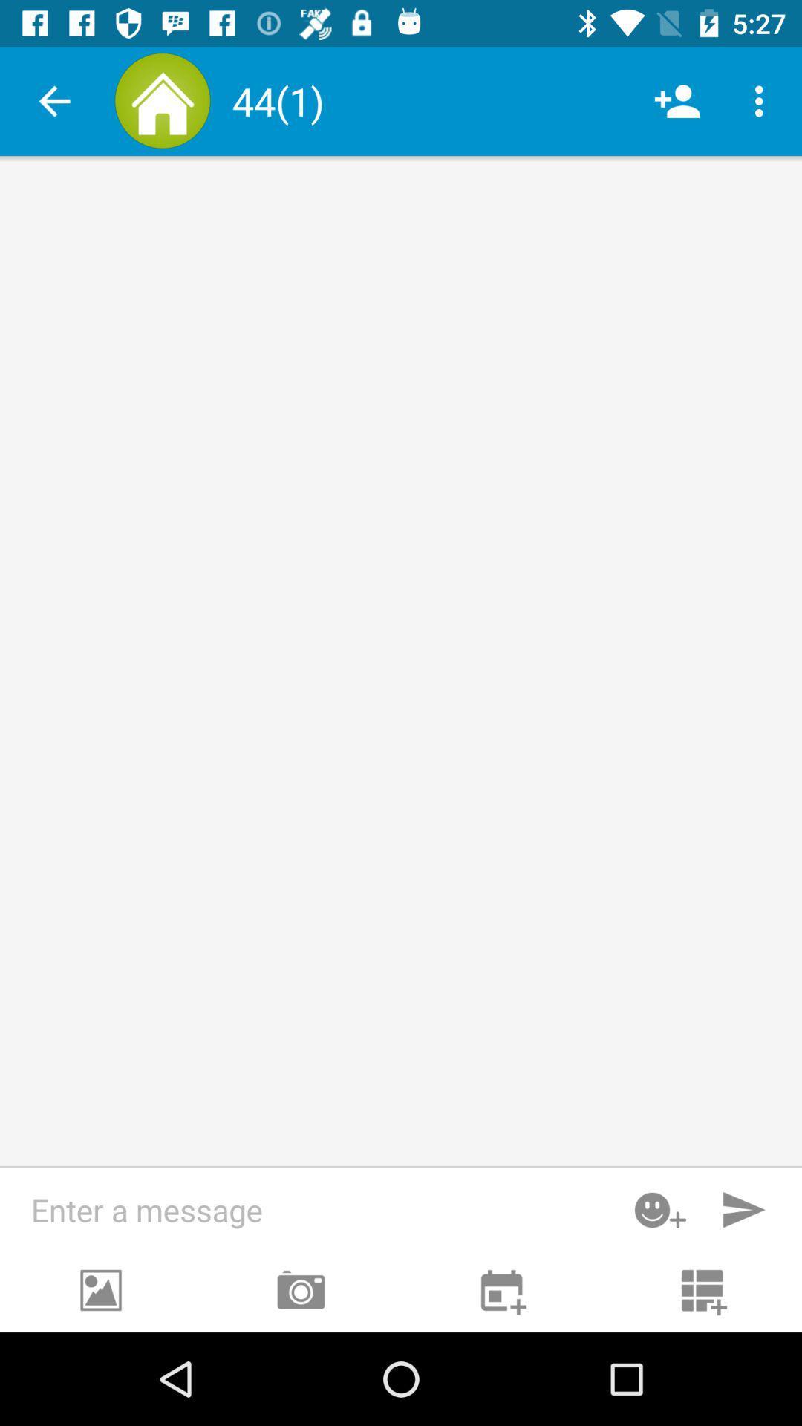 The width and height of the screenshot is (802, 1426). I want to click on the icon next to the (1) item, so click(677, 100).